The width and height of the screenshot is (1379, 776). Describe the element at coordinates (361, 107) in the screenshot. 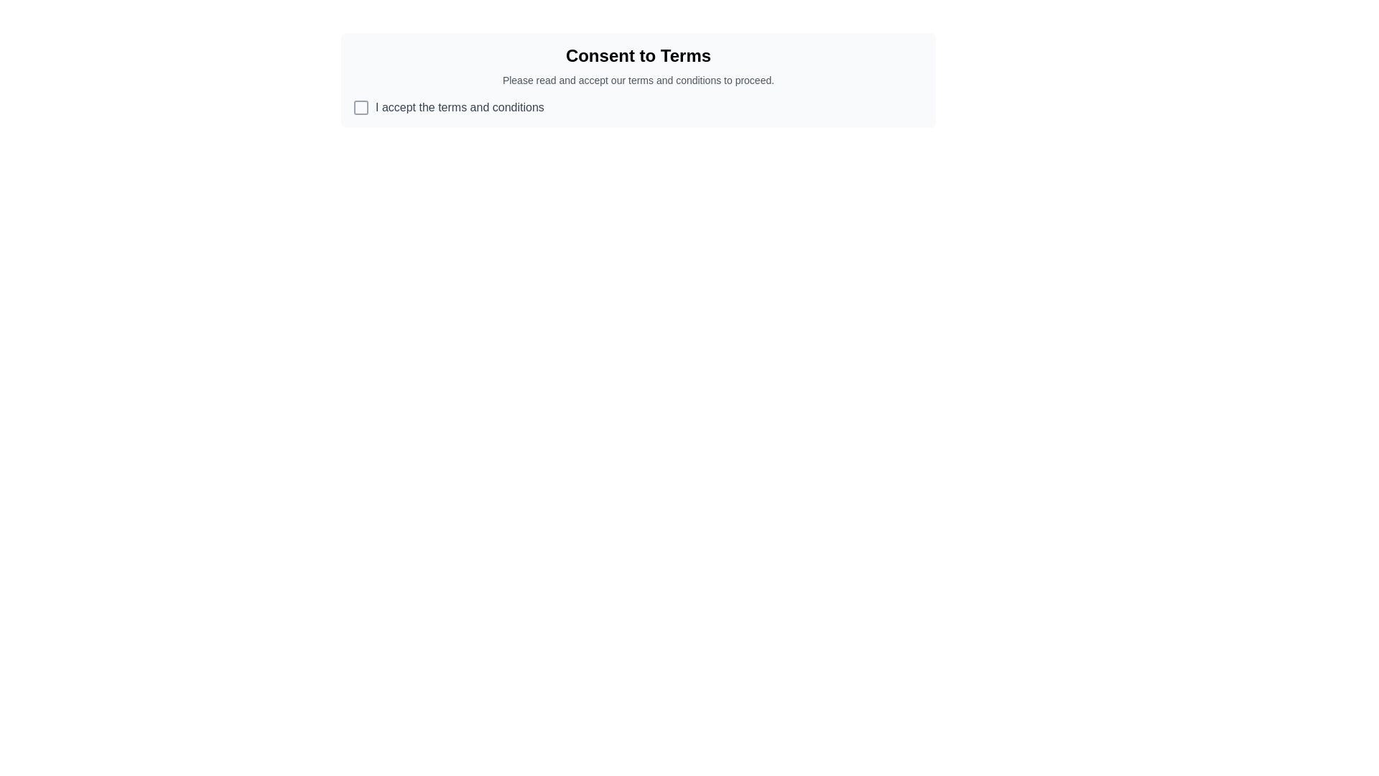

I see `the checkbox state indicator next to the text 'I accept the terms and conditions' by clicking on its associated checkbox` at that location.